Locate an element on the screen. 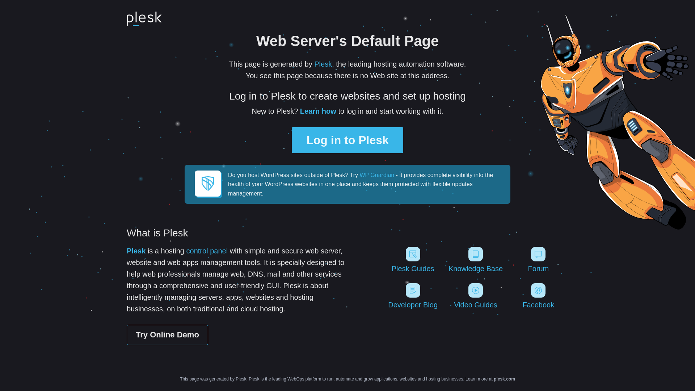  'WP Guardian' is located at coordinates (376, 175).